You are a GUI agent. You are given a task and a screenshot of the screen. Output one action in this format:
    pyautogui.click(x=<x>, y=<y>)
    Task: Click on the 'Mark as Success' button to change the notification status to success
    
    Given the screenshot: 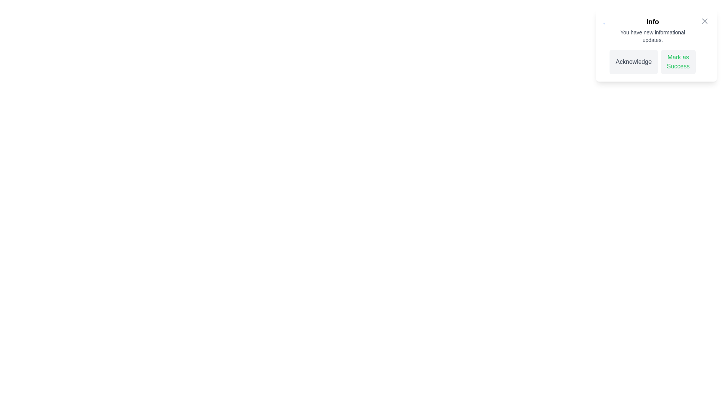 What is the action you would take?
    pyautogui.click(x=678, y=62)
    